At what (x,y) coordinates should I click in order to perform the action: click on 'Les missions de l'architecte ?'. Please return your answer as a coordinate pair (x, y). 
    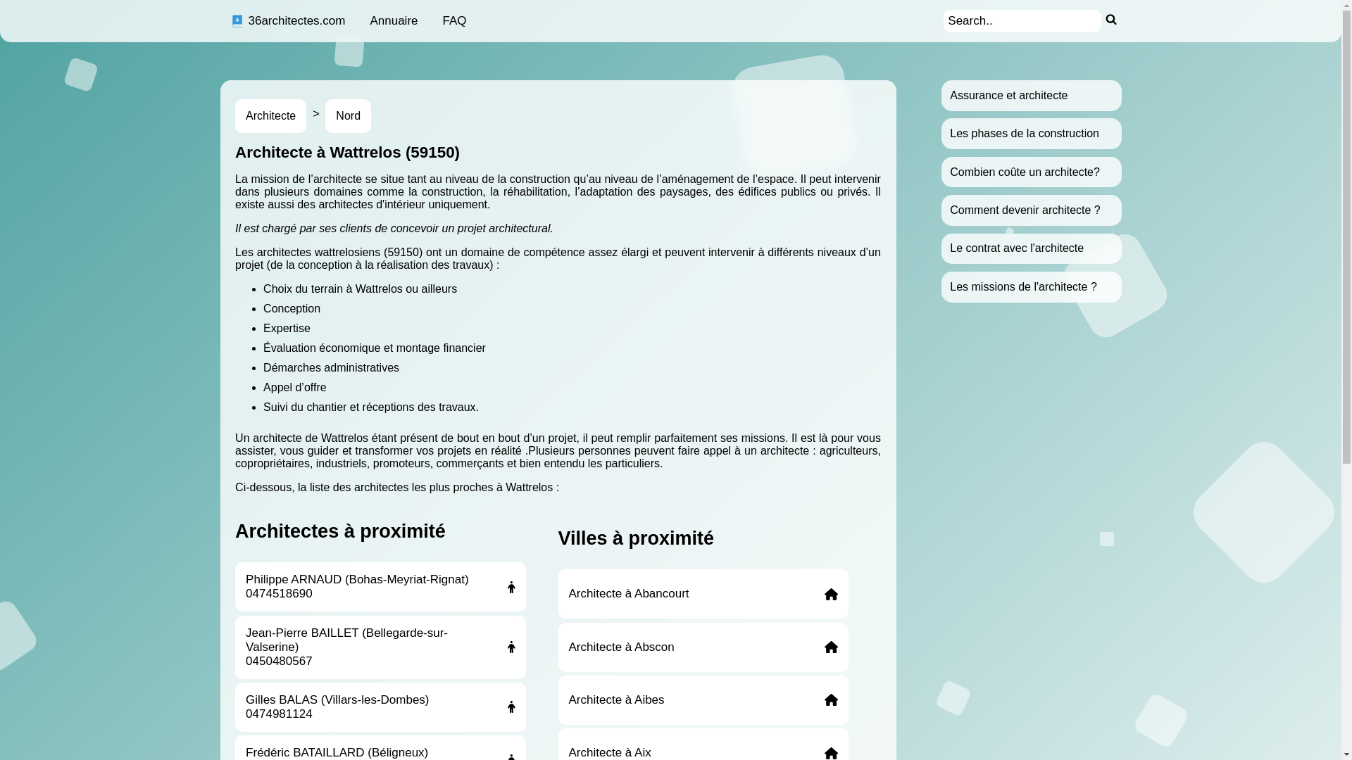
    Looking at the image, I should click on (1023, 286).